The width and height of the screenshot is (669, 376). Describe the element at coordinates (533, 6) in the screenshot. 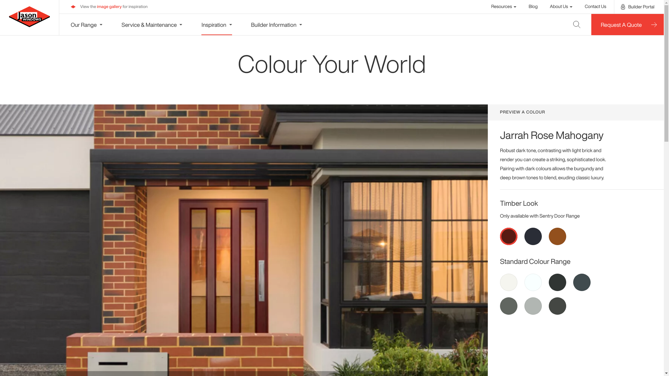

I see `'Blog'` at that location.